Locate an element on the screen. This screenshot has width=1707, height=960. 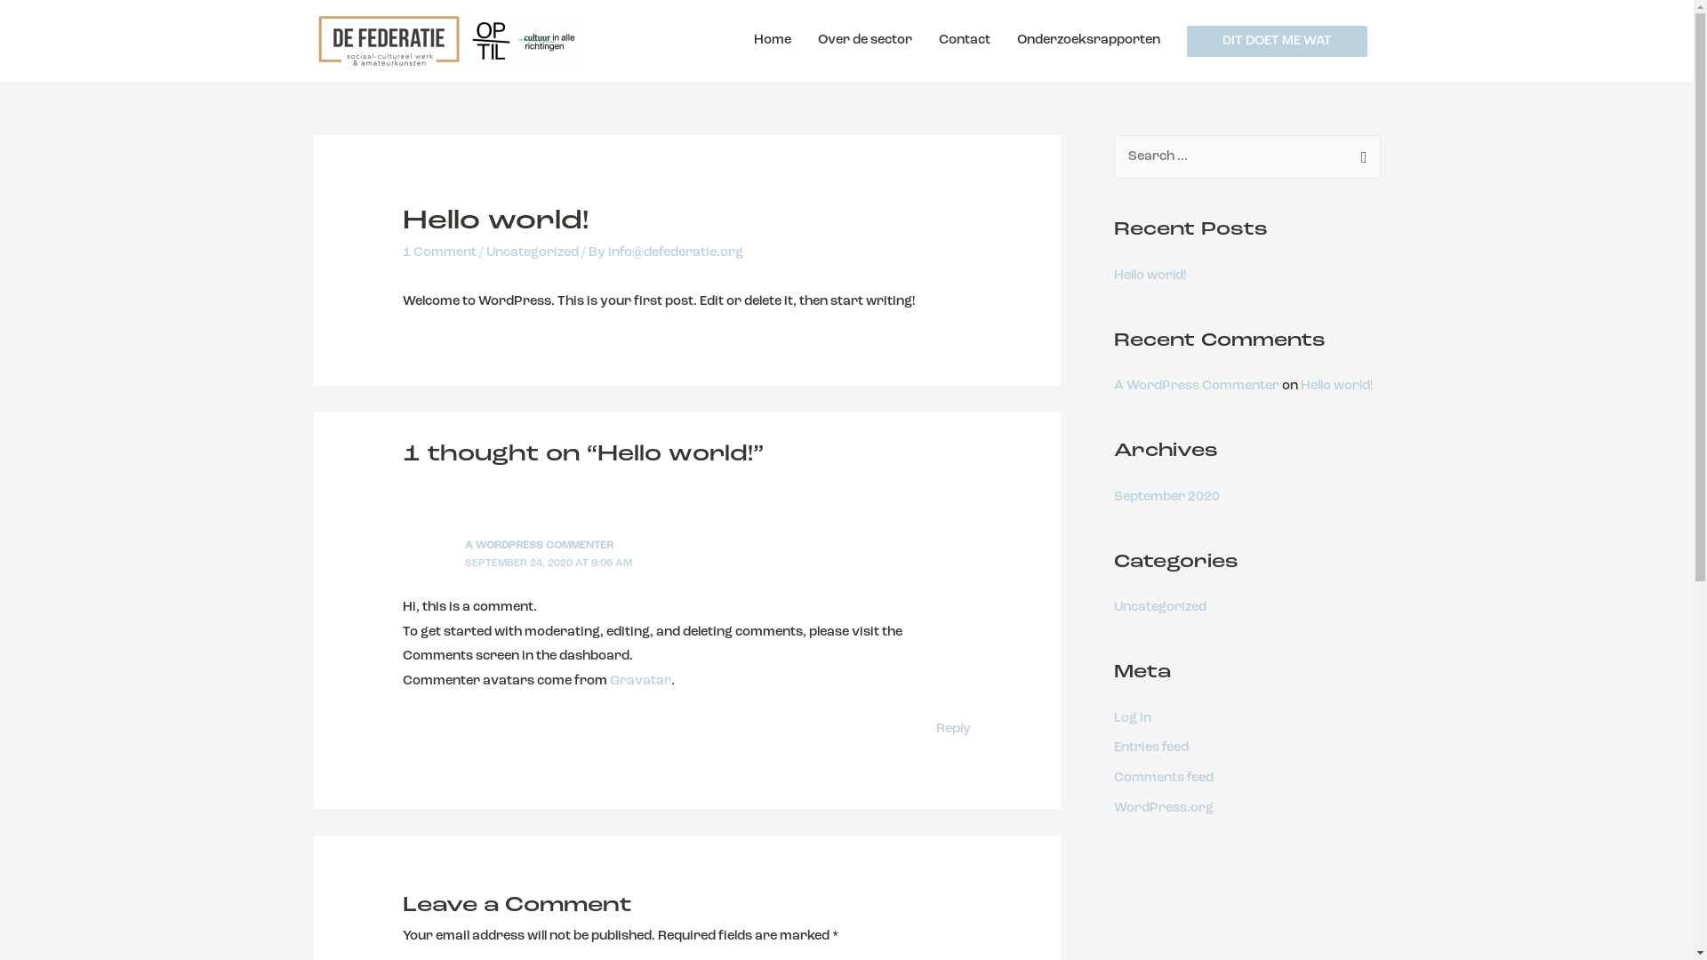
'DIT DOET ME WAT' is located at coordinates (1186, 40).